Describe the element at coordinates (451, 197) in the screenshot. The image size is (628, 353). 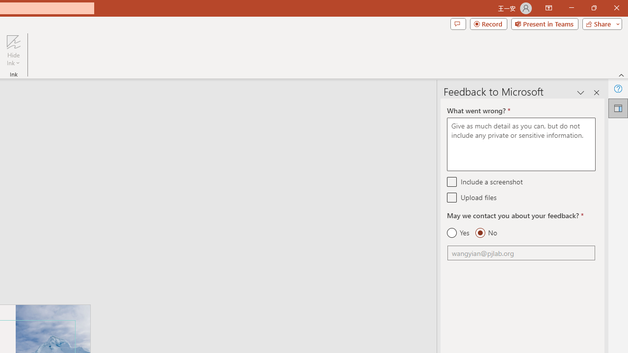
I see `'Upload files'` at that location.